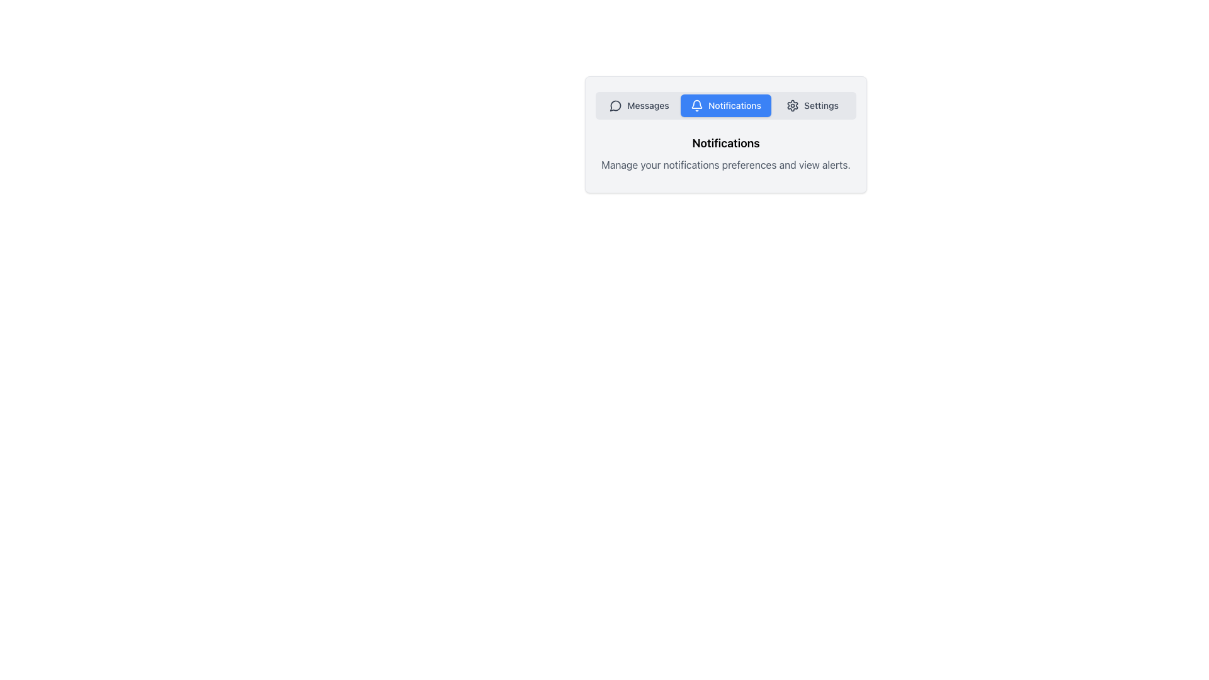 The image size is (1209, 680). Describe the element at coordinates (792, 105) in the screenshot. I see `the mechanical gear icon representing the settings feature, which is located in the center of the 'Settings' button in the navigation bar` at that location.